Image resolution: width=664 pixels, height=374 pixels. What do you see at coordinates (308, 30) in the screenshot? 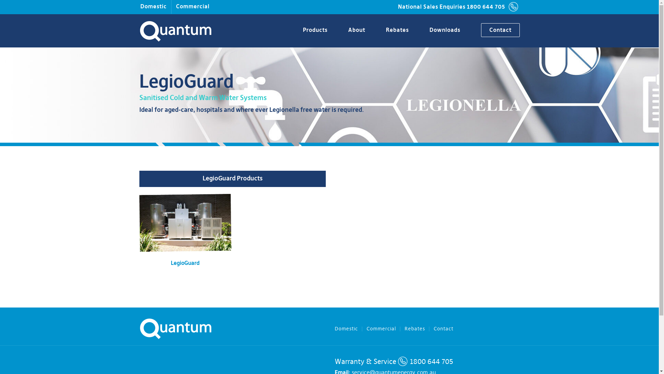
I see `'Products'` at bounding box center [308, 30].